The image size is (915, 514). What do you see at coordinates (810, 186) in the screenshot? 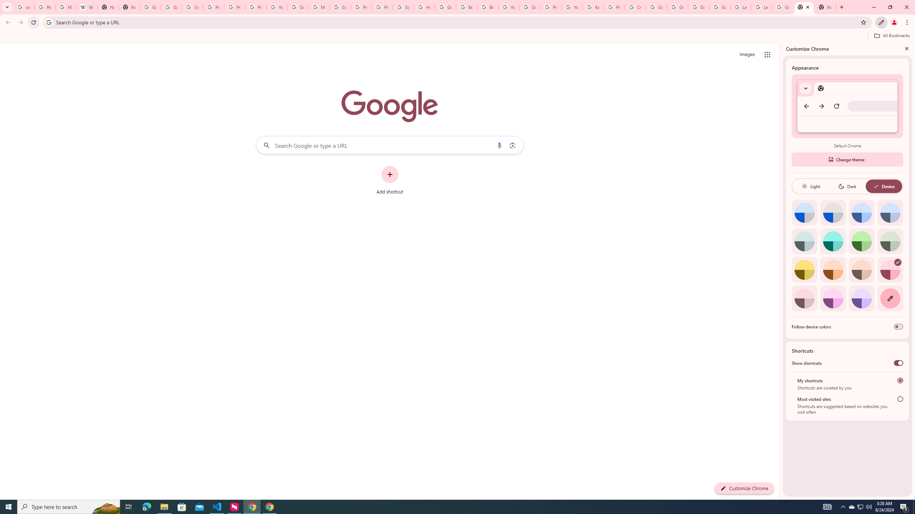
I see `'Light'` at bounding box center [810, 186].